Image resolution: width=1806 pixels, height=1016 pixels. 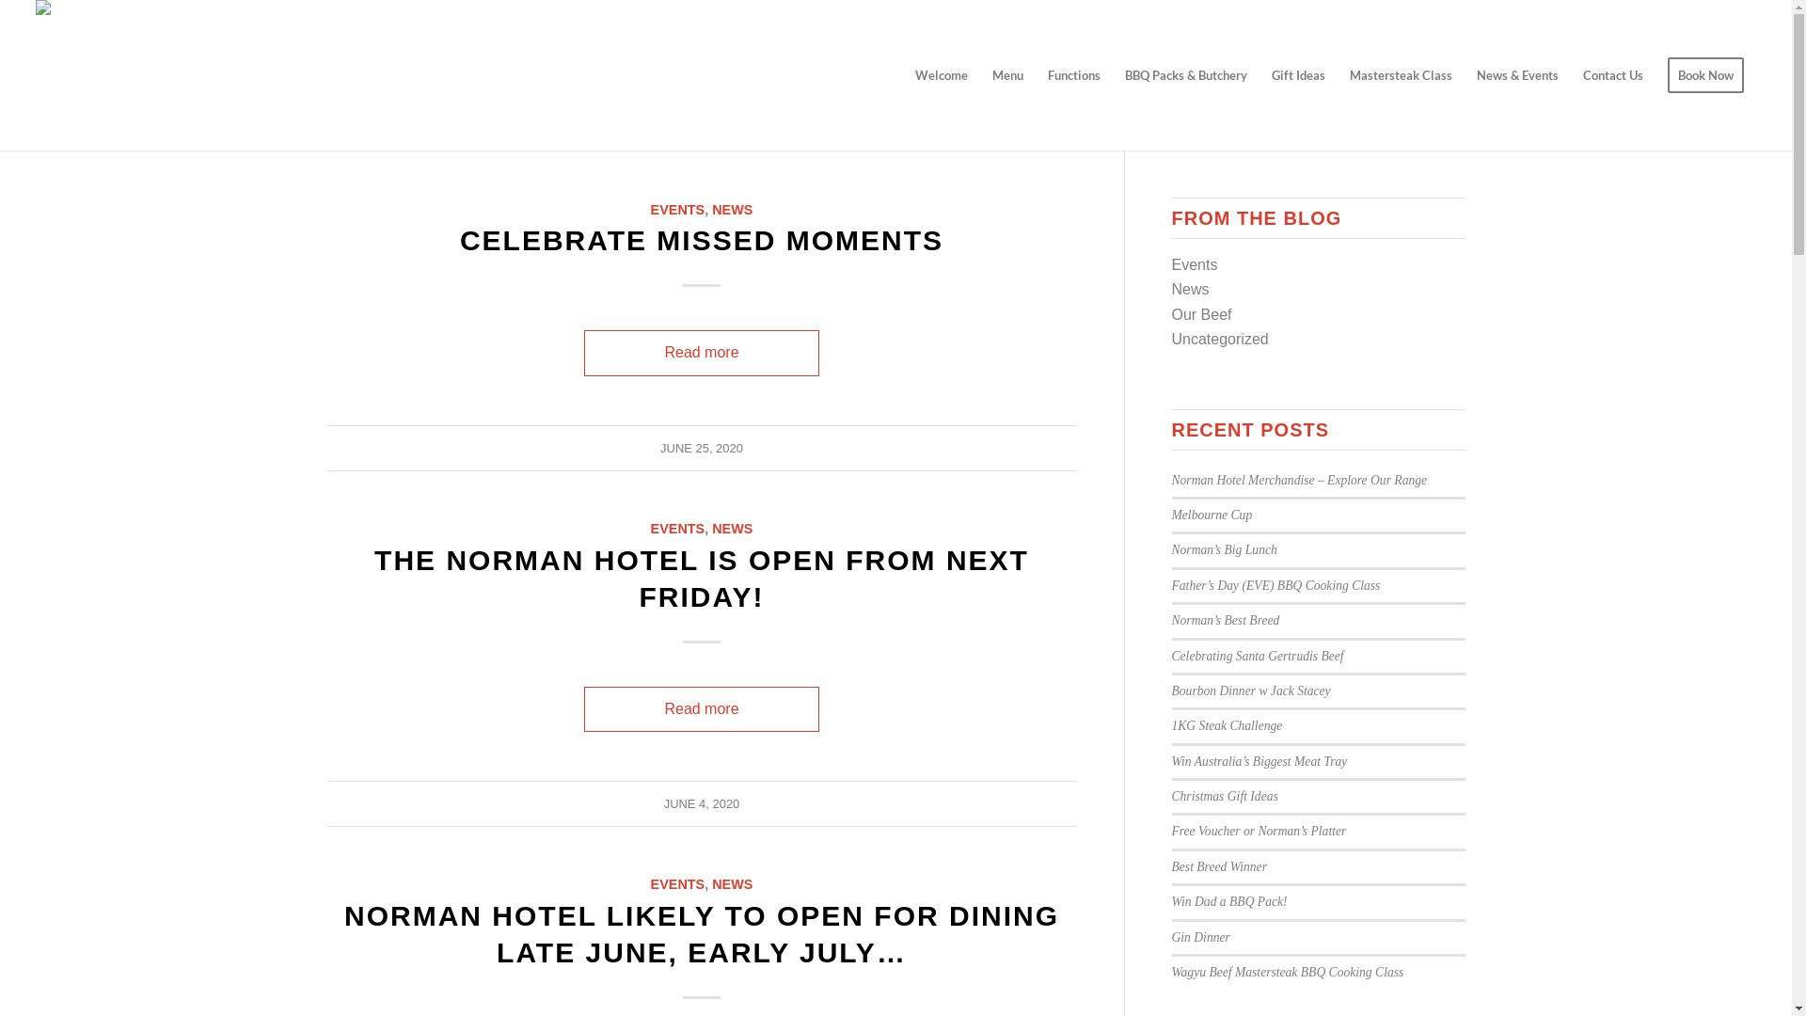 What do you see at coordinates (1225, 796) in the screenshot?
I see `'Christmas Gift Ideas'` at bounding box center [1225, 796].